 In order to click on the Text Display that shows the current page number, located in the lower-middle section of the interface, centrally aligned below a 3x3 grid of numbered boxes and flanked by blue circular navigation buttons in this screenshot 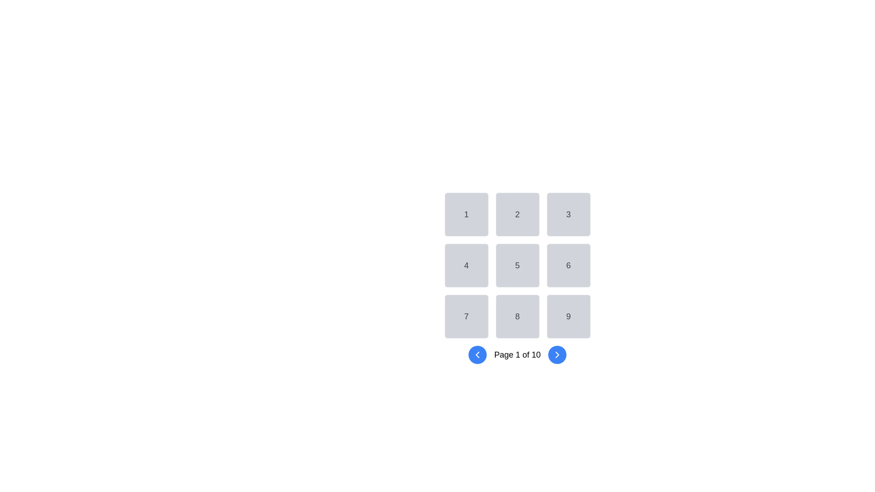, I will do `click(517, 354)`.